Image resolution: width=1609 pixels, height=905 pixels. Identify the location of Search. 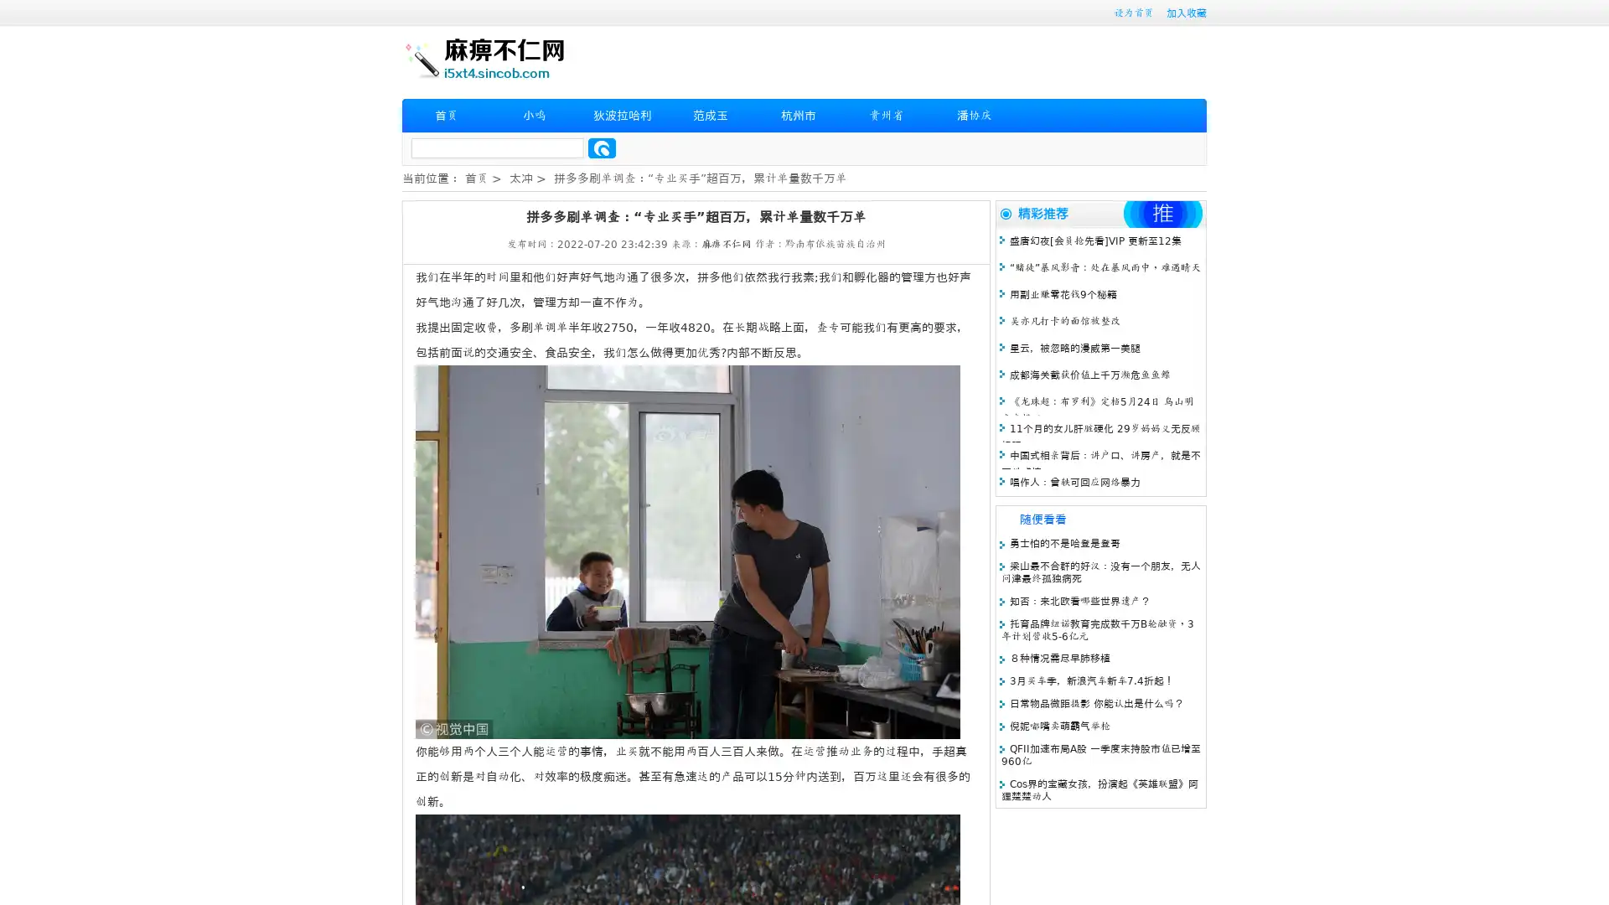
(602, 147).